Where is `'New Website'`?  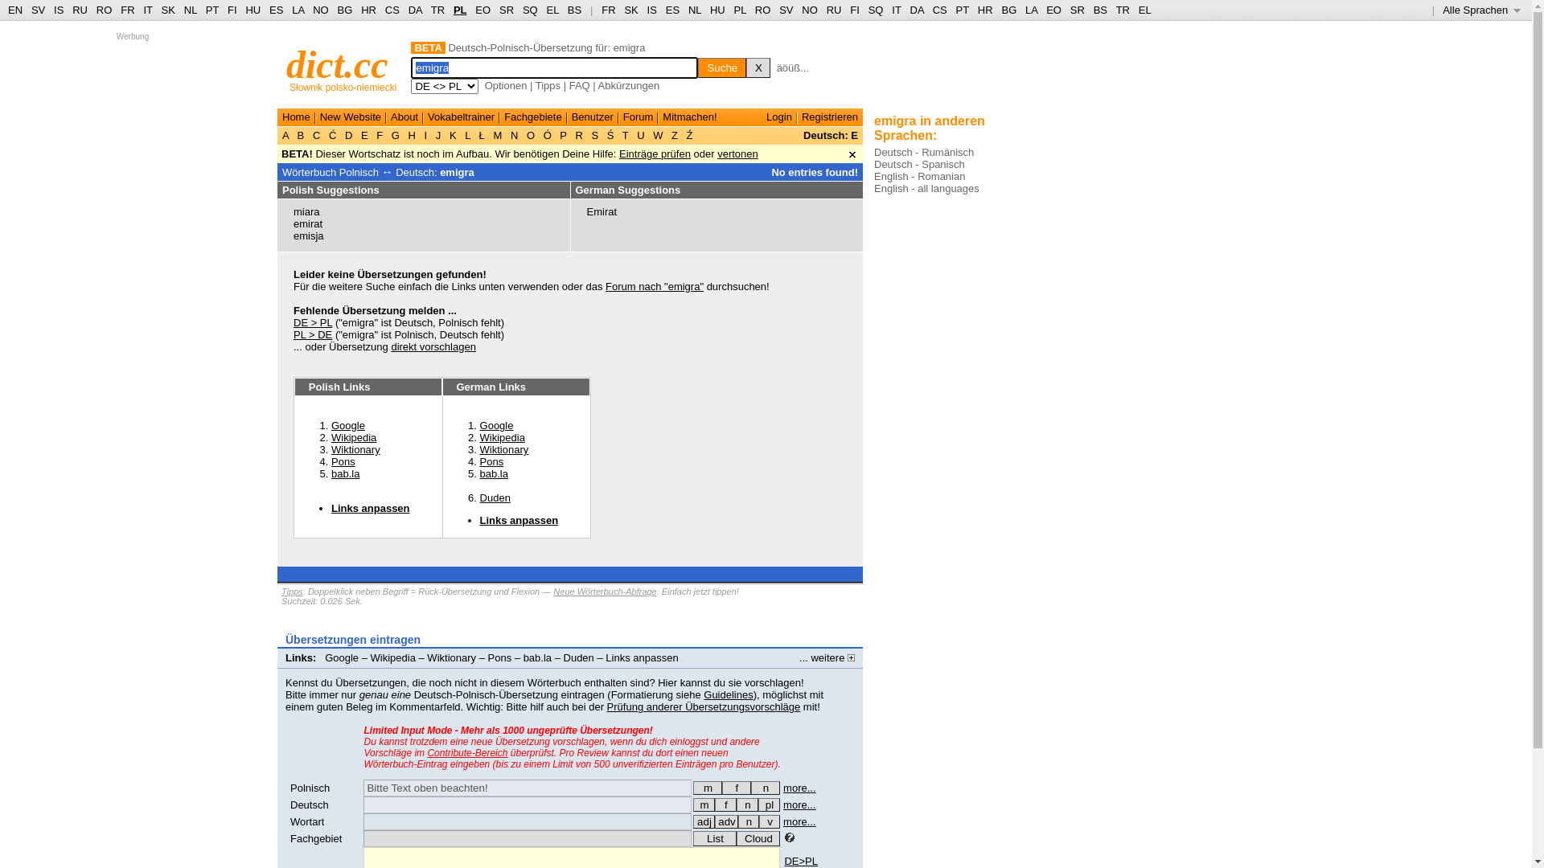 'New Website' is located at coordinates (350, 116).